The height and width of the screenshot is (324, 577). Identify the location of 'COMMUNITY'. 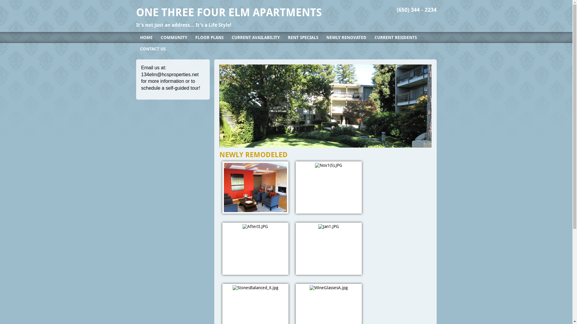
(174, 37).